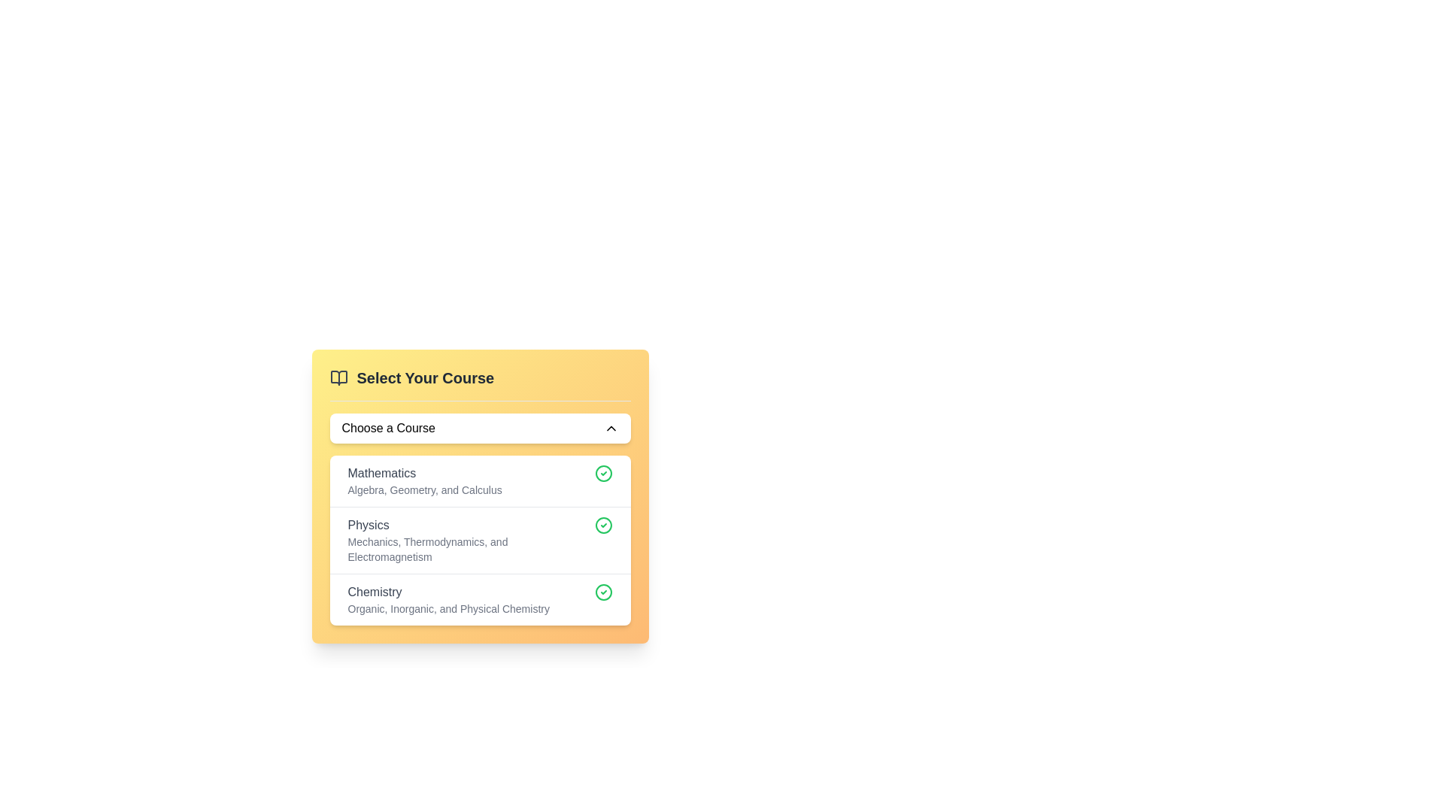 Image resolution: width=1444 pixels, height=812 pixels. Describe the element at coordinates (479, 598) in the screenshot. I see `the selectable list item labeled 'Chemistry'` at that location.